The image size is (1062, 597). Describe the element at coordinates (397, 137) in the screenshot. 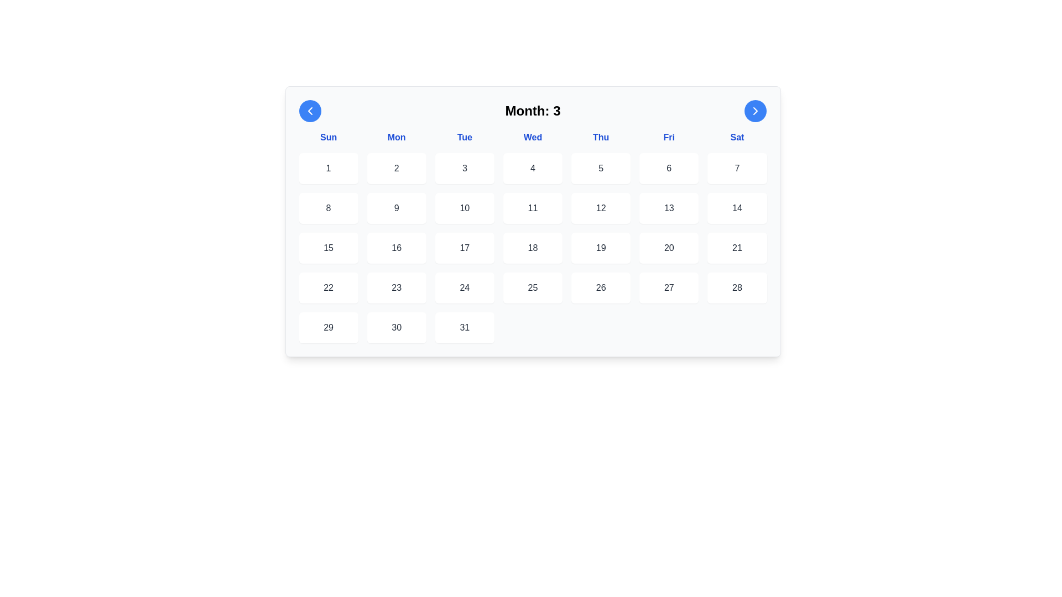

I see `the text label displaying 'Mon' in bold blue font, which is part of the horizontal row of days of the week, positioned between 'Sun' and 'Tue'` at that location.